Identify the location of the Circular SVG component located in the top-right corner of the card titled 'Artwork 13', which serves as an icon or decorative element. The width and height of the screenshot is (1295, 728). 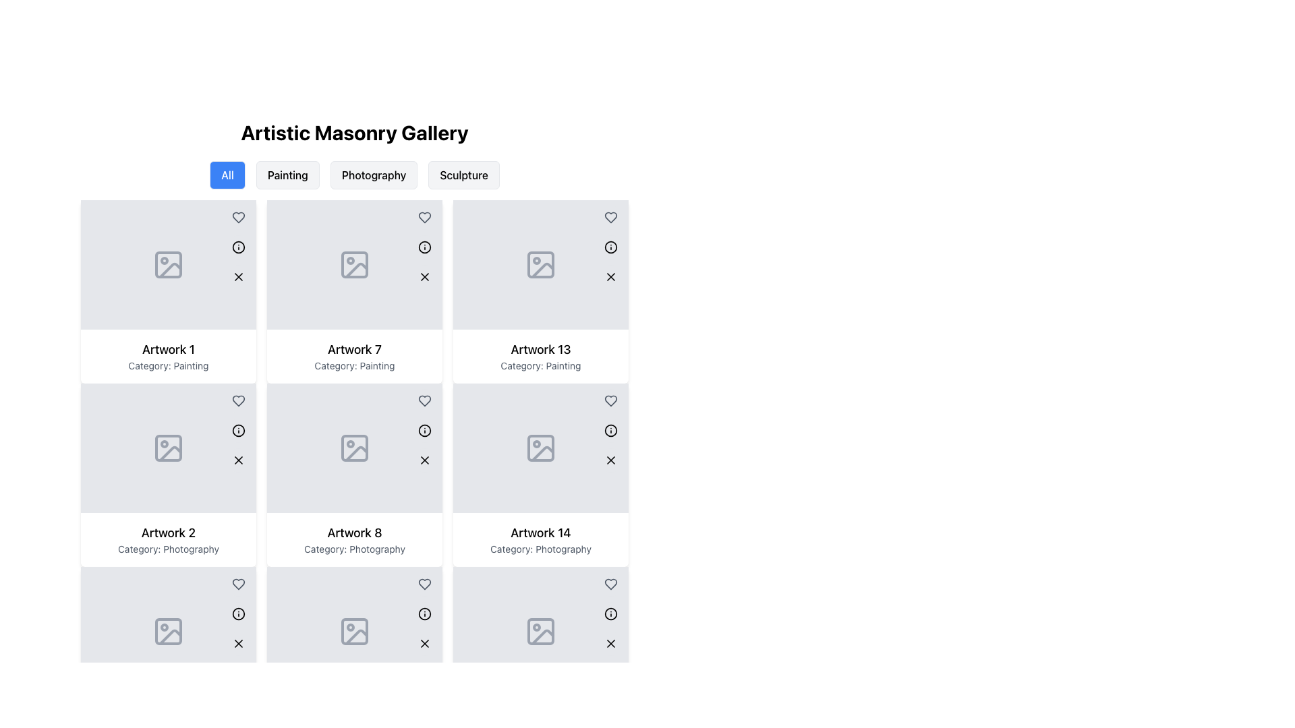
(610, 247).